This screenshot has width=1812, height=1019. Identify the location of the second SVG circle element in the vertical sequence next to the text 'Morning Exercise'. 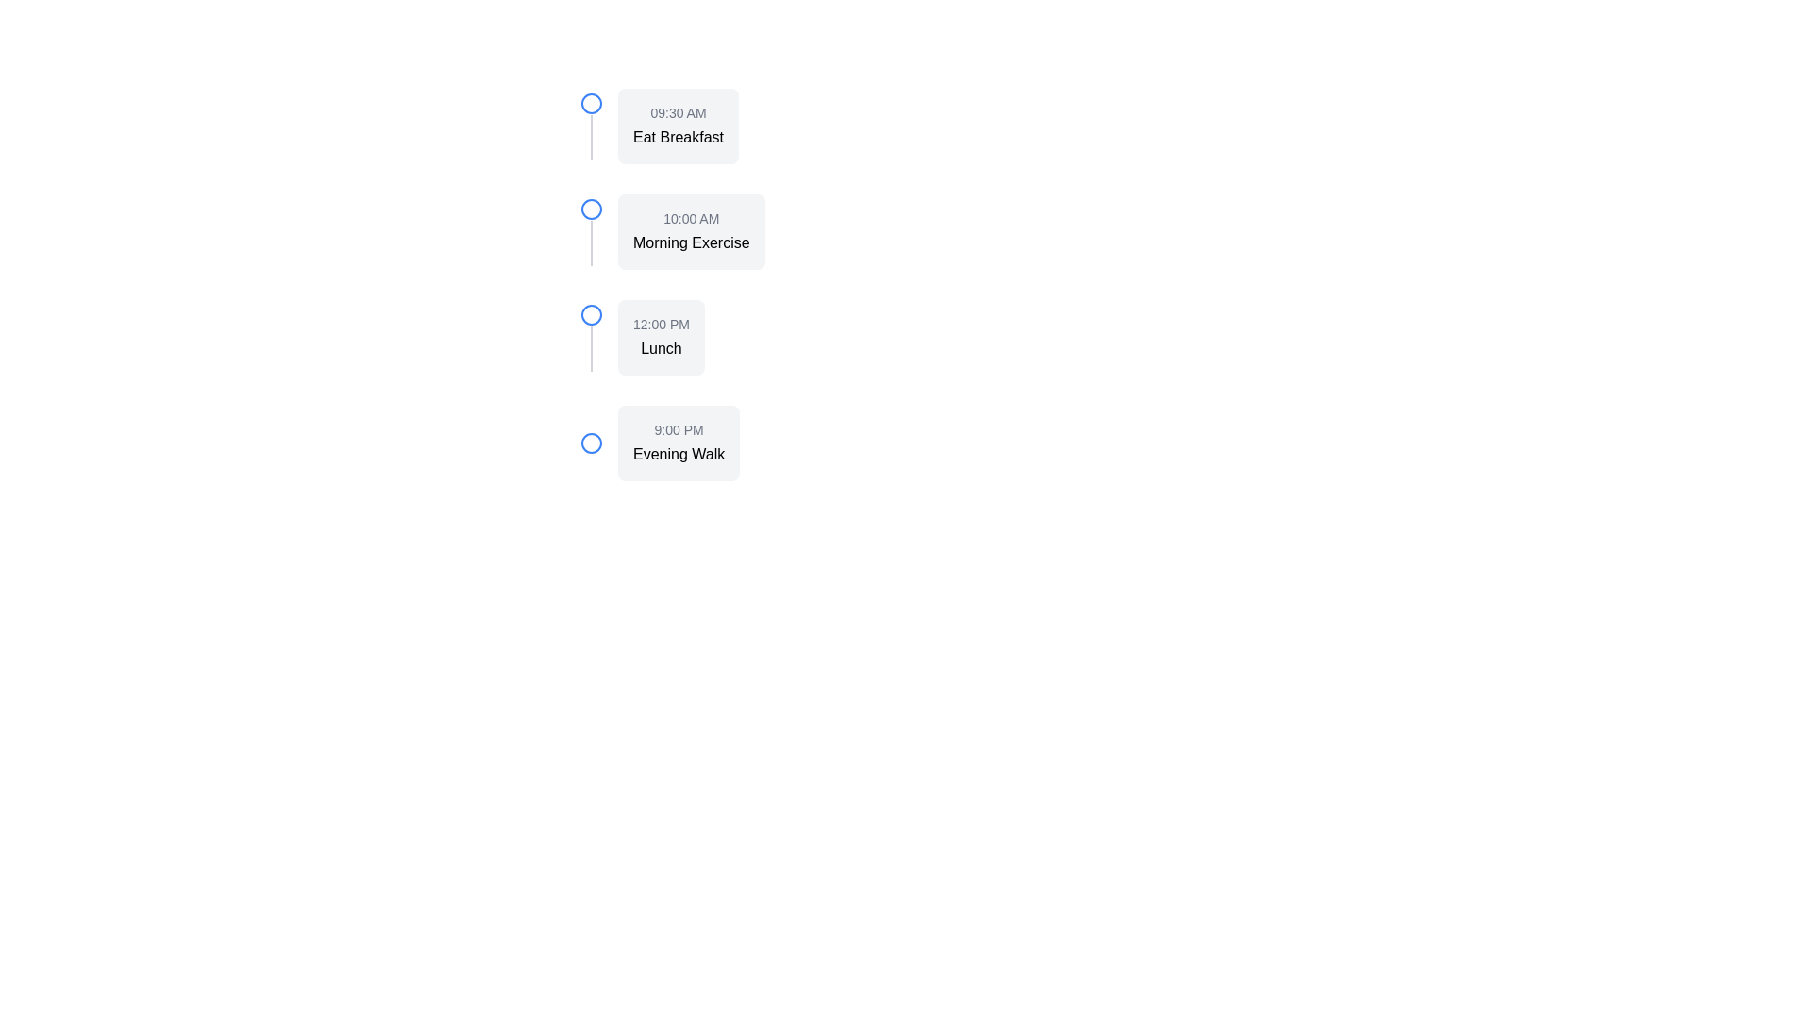
(591, 209).